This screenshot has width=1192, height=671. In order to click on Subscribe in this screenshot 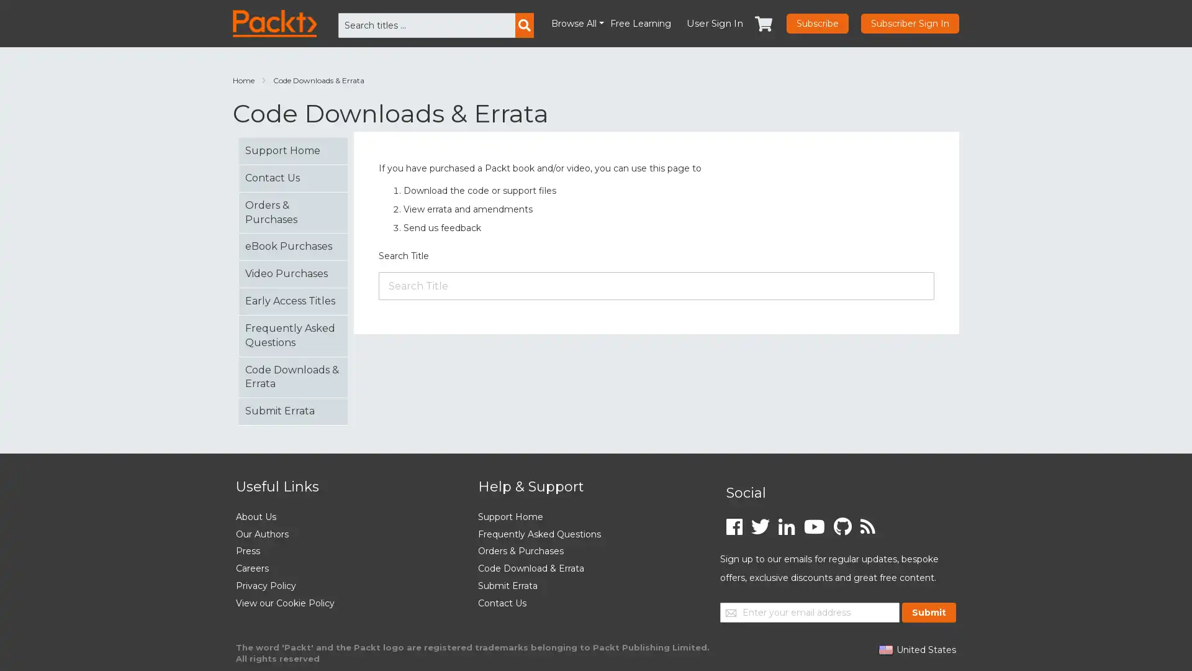, I will do `click(817, 24)`.